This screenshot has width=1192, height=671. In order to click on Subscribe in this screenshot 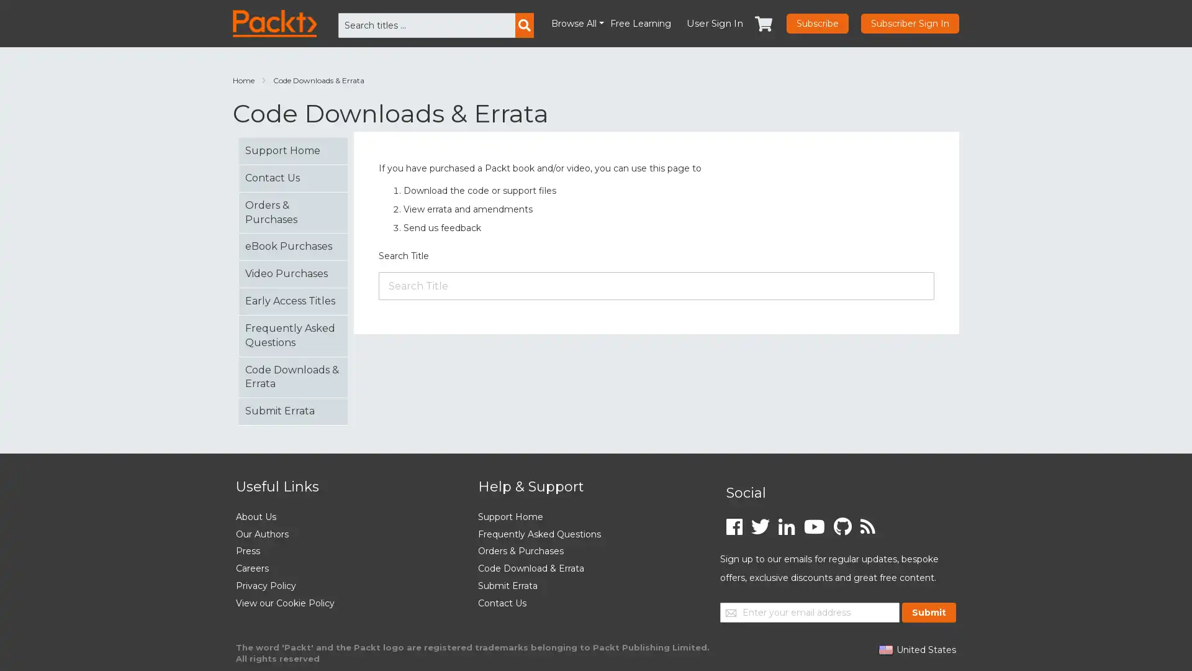, I will do `click(817, 24)`.